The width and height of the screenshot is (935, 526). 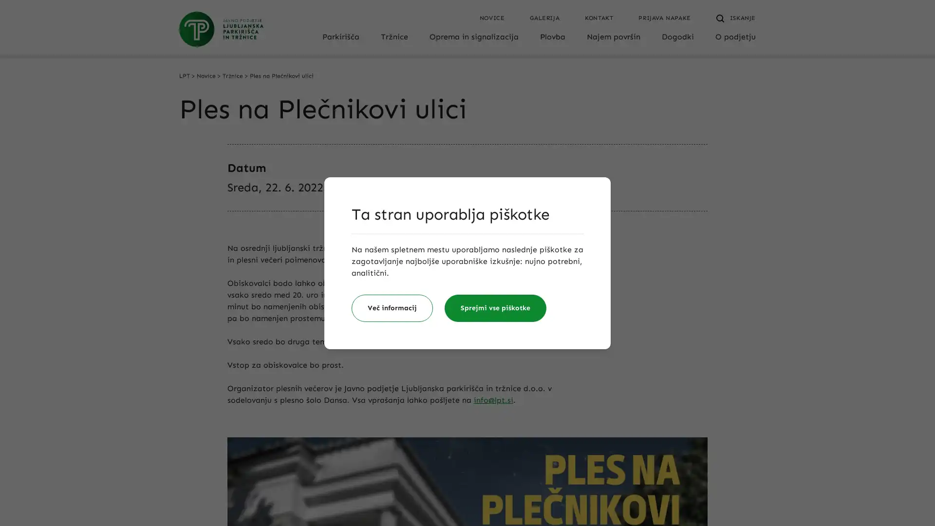 I want to click on Sprejmi vse piskotke, so click(x=495, y=308).